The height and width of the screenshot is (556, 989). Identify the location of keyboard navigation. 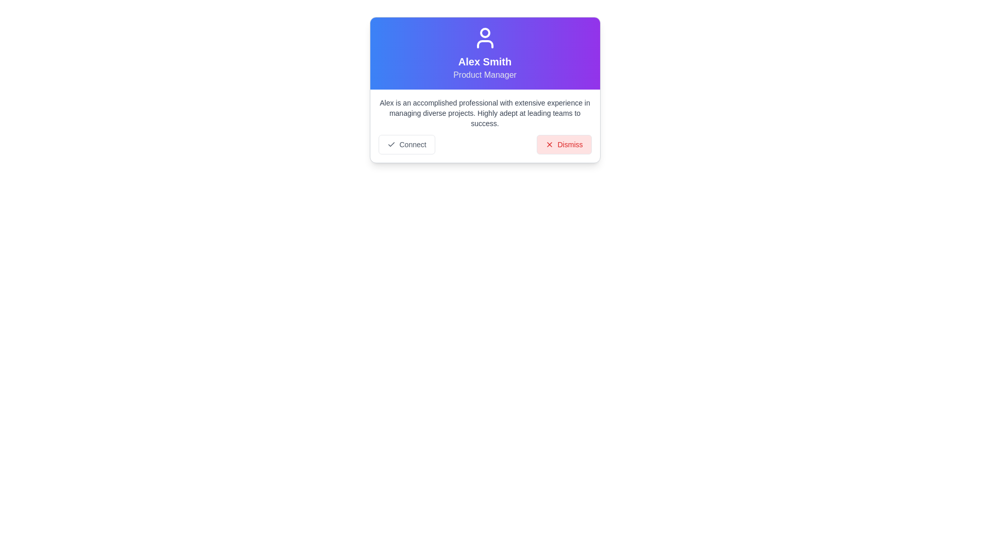
(563, 145).